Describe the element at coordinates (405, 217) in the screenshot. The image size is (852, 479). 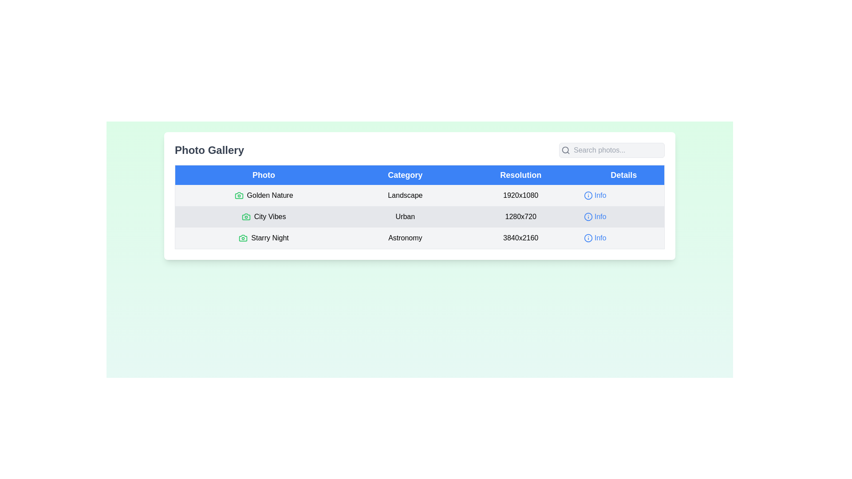
I see `the text label indicating the category 'Urban' for the 'City Vibes' entry in the table, which is located in the second row under the 'Category' column` at that location.